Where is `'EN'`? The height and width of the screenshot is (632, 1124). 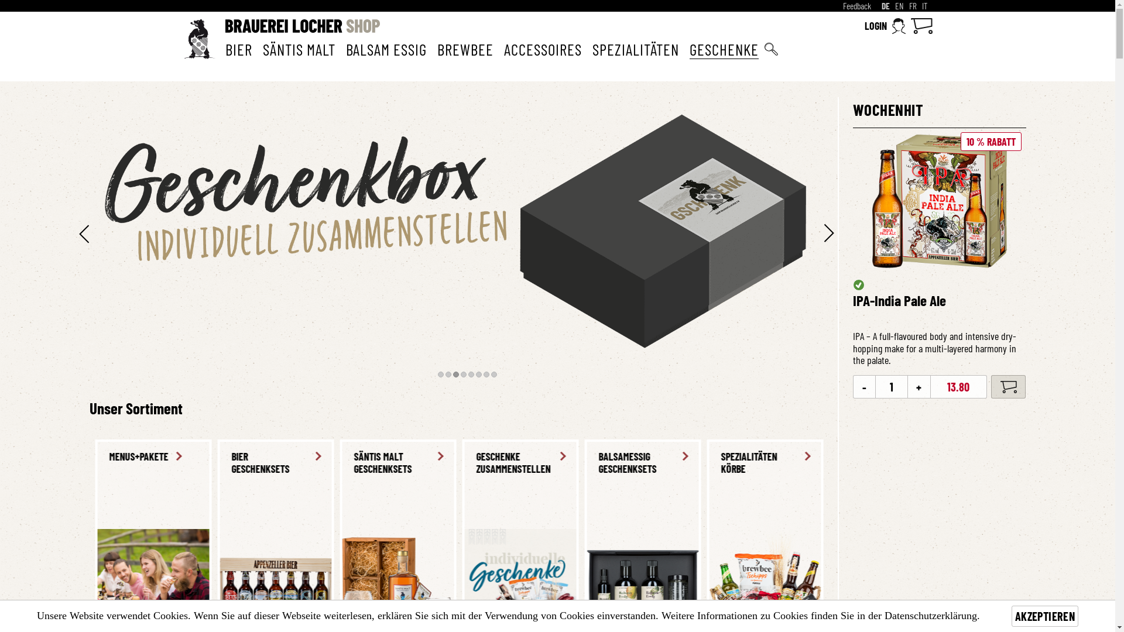 'EN' is located at coordinates (898, 6).